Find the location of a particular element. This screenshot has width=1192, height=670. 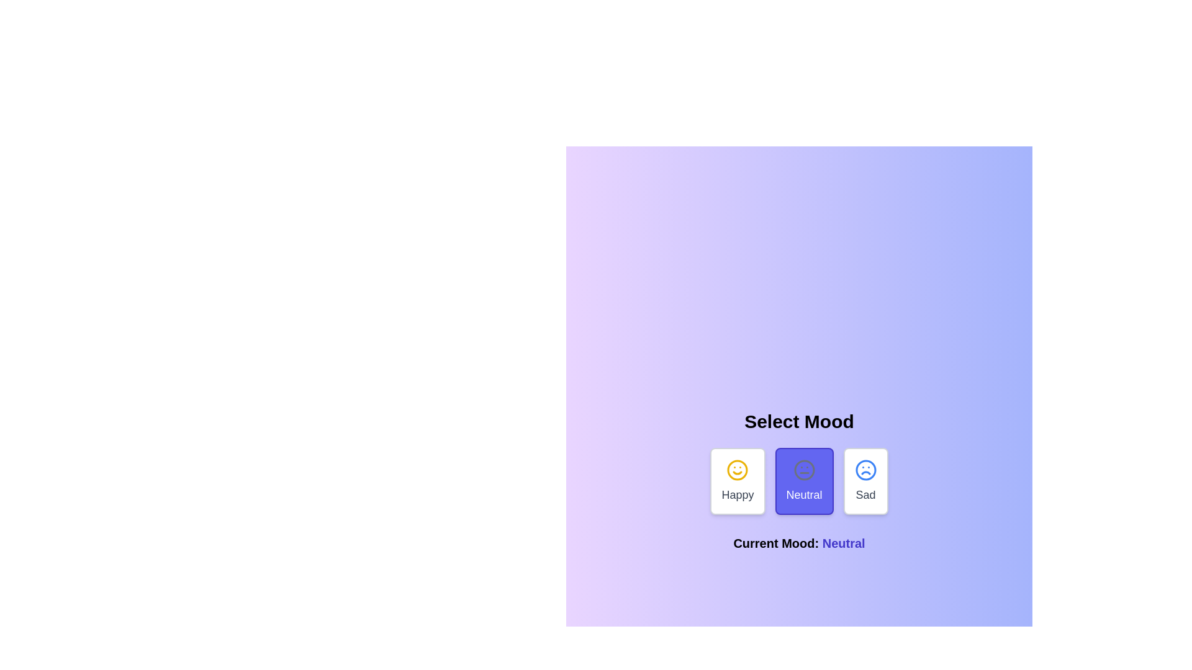

the mood option Sad to select it is located at coordinates (865, 480).